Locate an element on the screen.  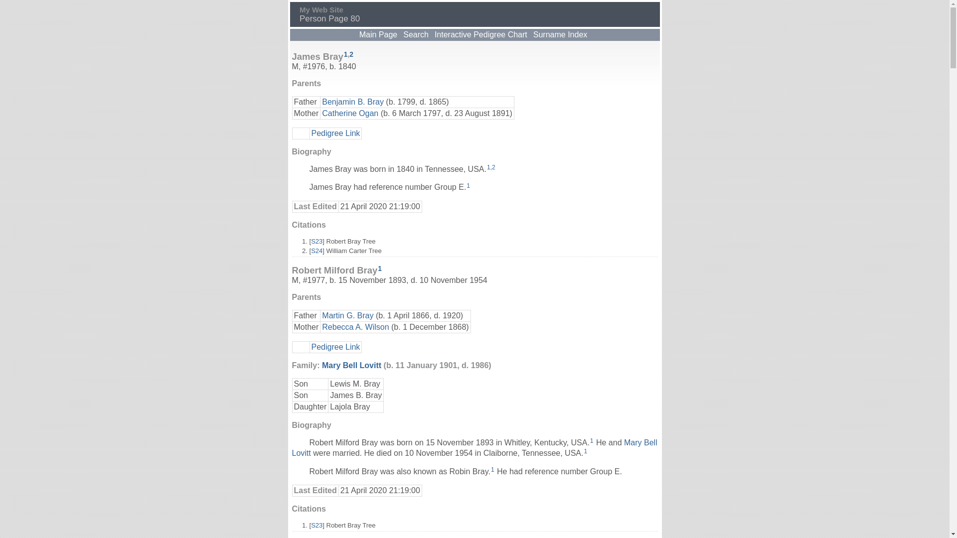
'Search' is located at coordinates (416, 34).